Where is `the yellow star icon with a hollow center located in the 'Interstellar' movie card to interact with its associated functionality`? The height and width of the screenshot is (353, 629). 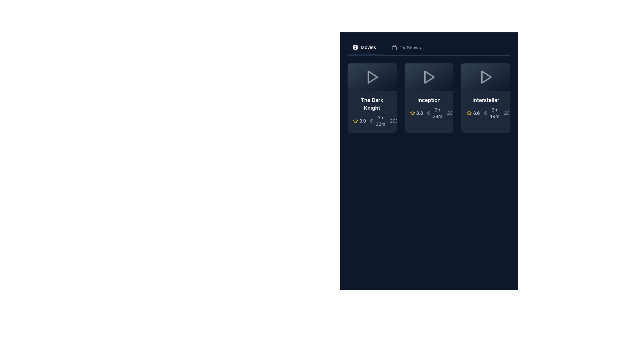 the yellow star icon with a hollow center located in the 'Interstellar' movie card to interact with its associated functionality is located at coordinates (468, 112).